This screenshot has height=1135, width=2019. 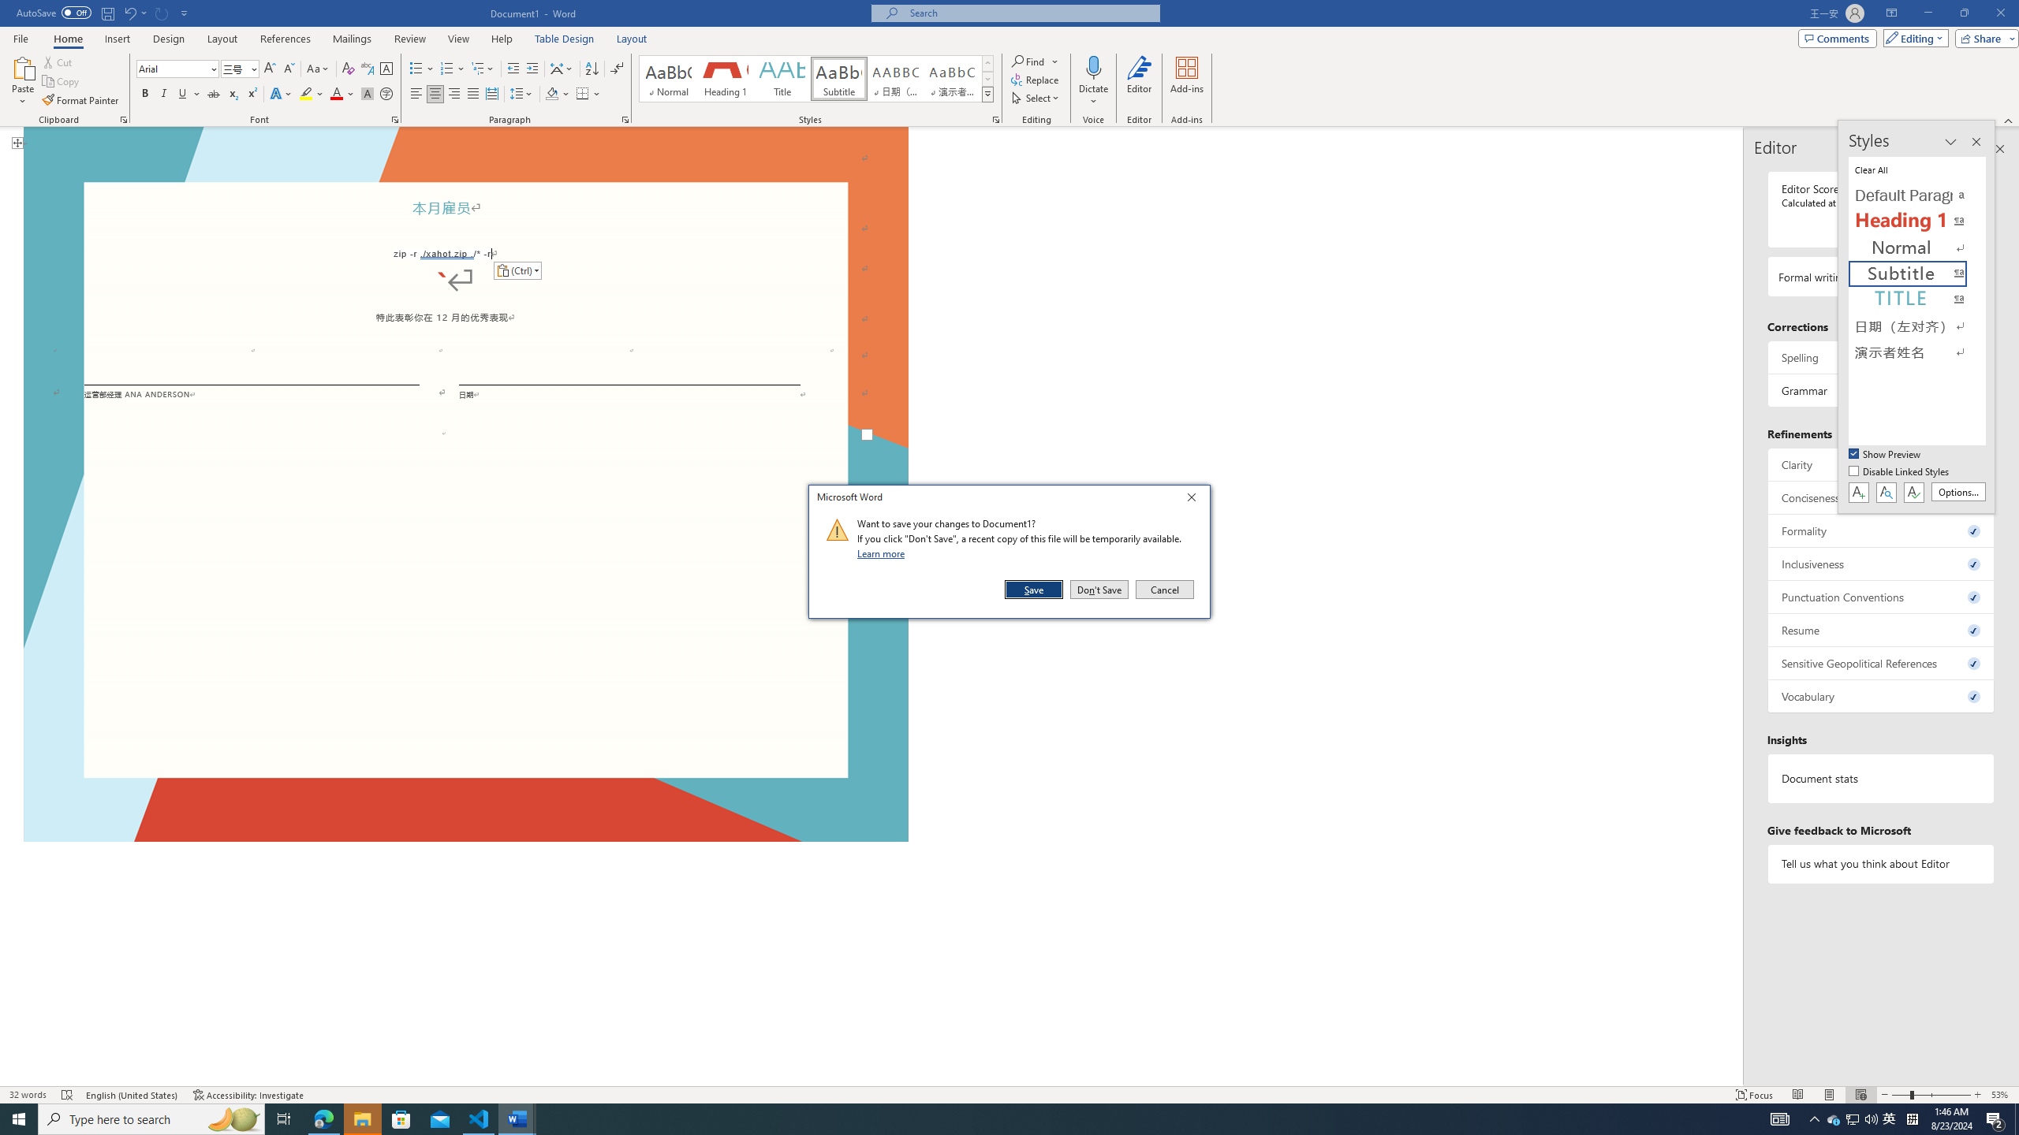 I want to click on 'Undo Paste', so click(x=134, y=12).